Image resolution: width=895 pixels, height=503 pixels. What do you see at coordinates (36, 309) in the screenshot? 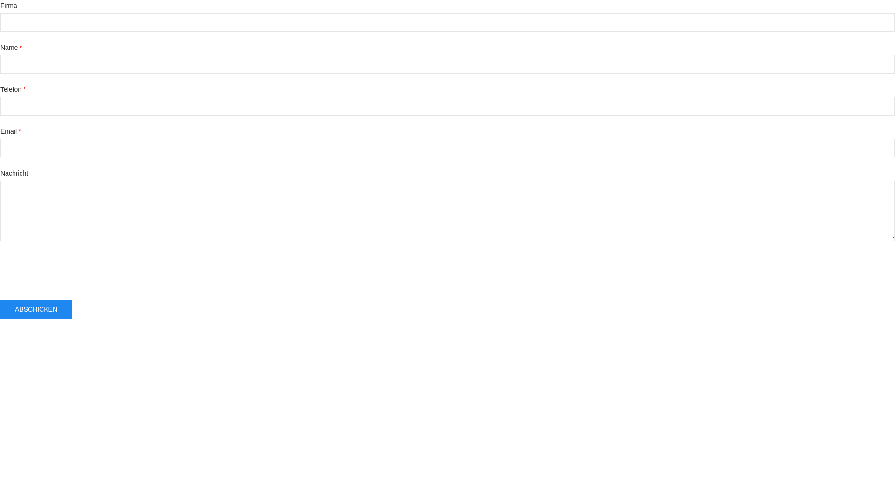
I see `'ABSCHICKEN'` at bounding box center [36, 309].